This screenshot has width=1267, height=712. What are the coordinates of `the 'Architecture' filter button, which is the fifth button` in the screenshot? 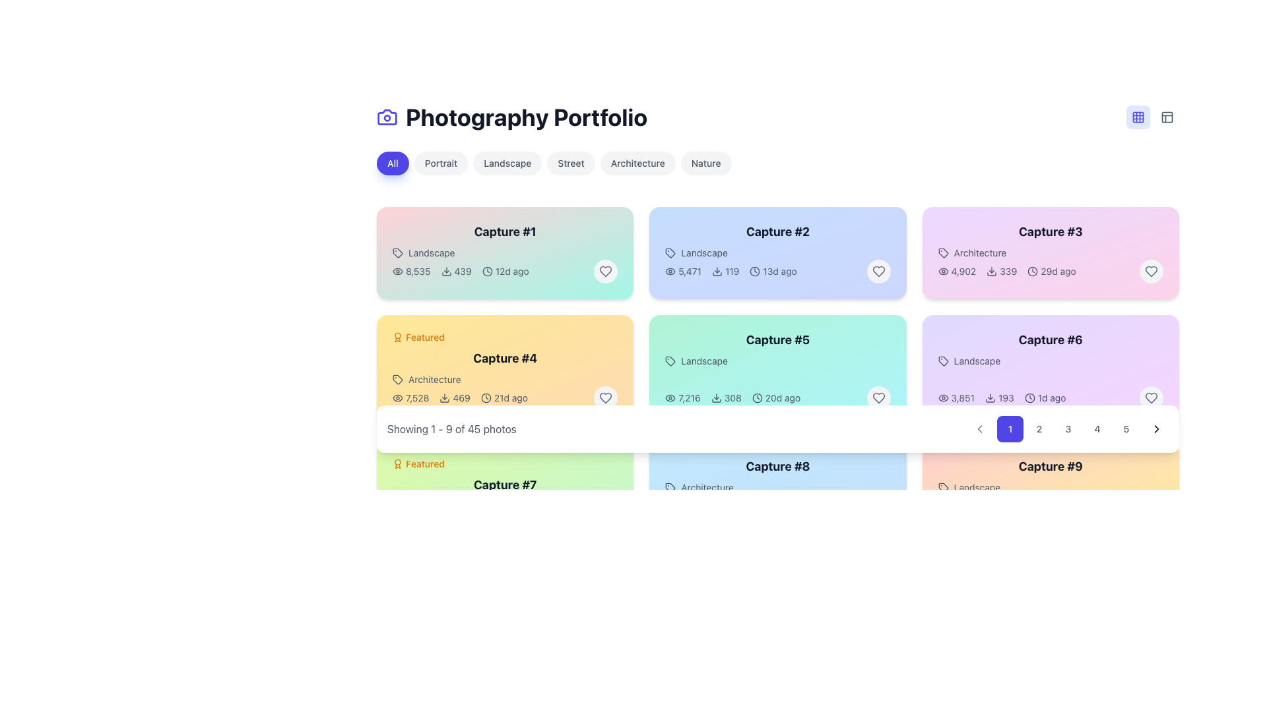 It's located at (637, 162).